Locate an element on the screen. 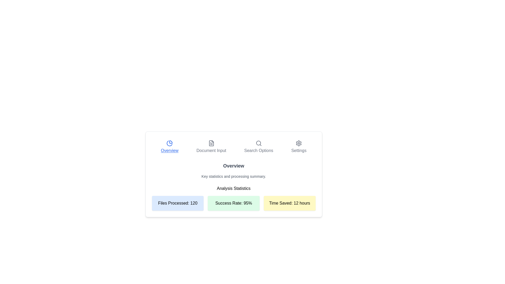 The image size is (505, 284). the decorative circle within the search icon that represents the central part of the magnifying glass is located at coordinates (258, 143).